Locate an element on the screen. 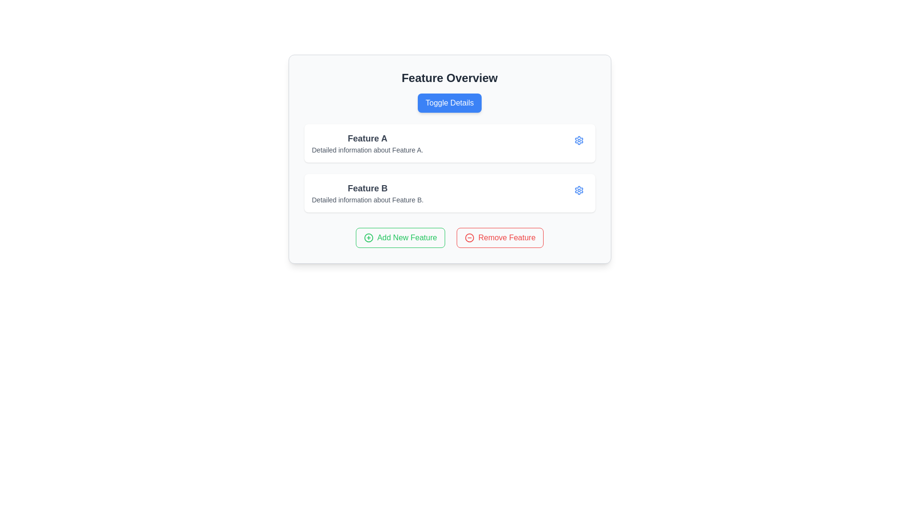  the 'Add New Feature' icon located to the left of the text label, which symbolizes addition or creation is located at coordinates (368, 237).